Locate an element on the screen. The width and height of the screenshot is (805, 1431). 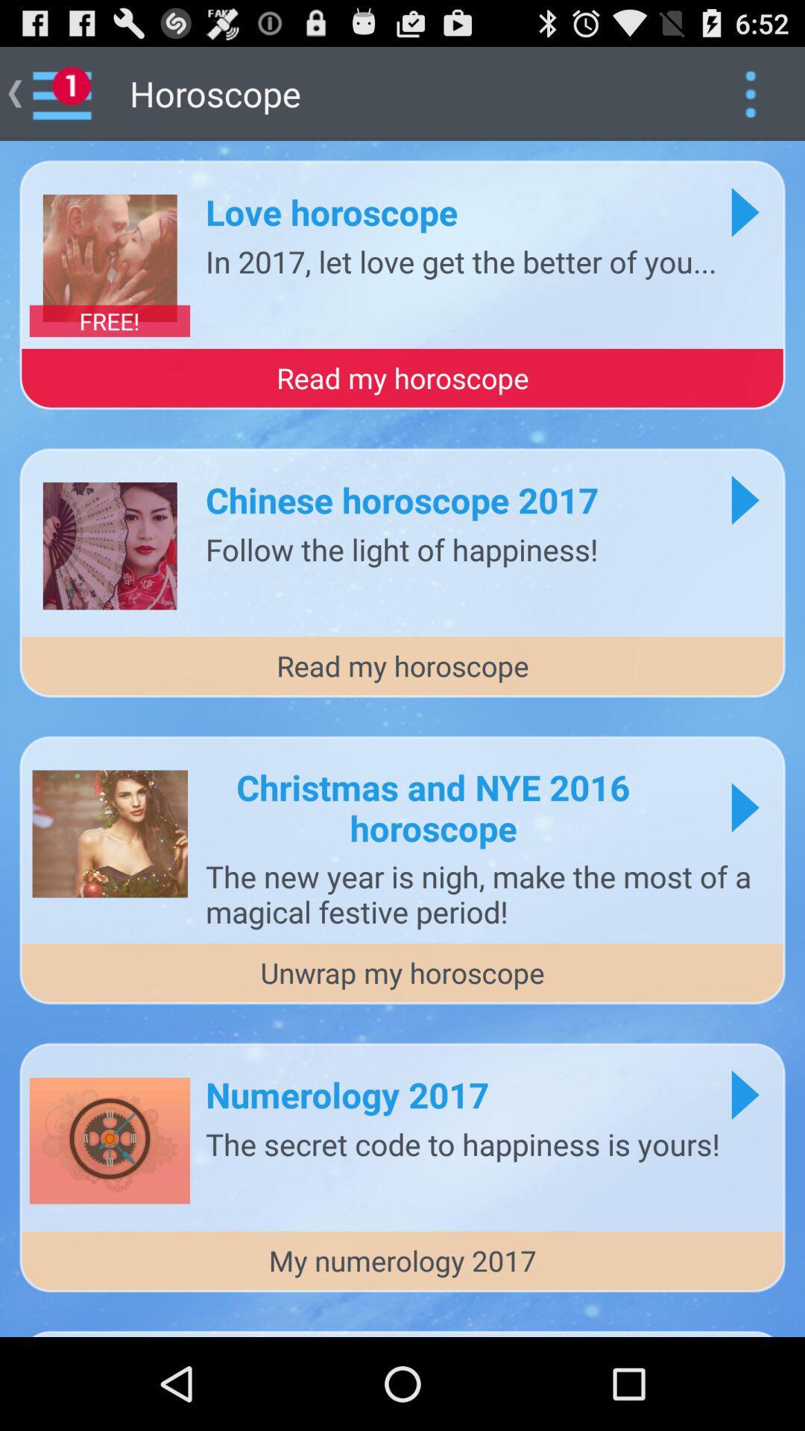
the the new year app is located at coordinates (487, 894).